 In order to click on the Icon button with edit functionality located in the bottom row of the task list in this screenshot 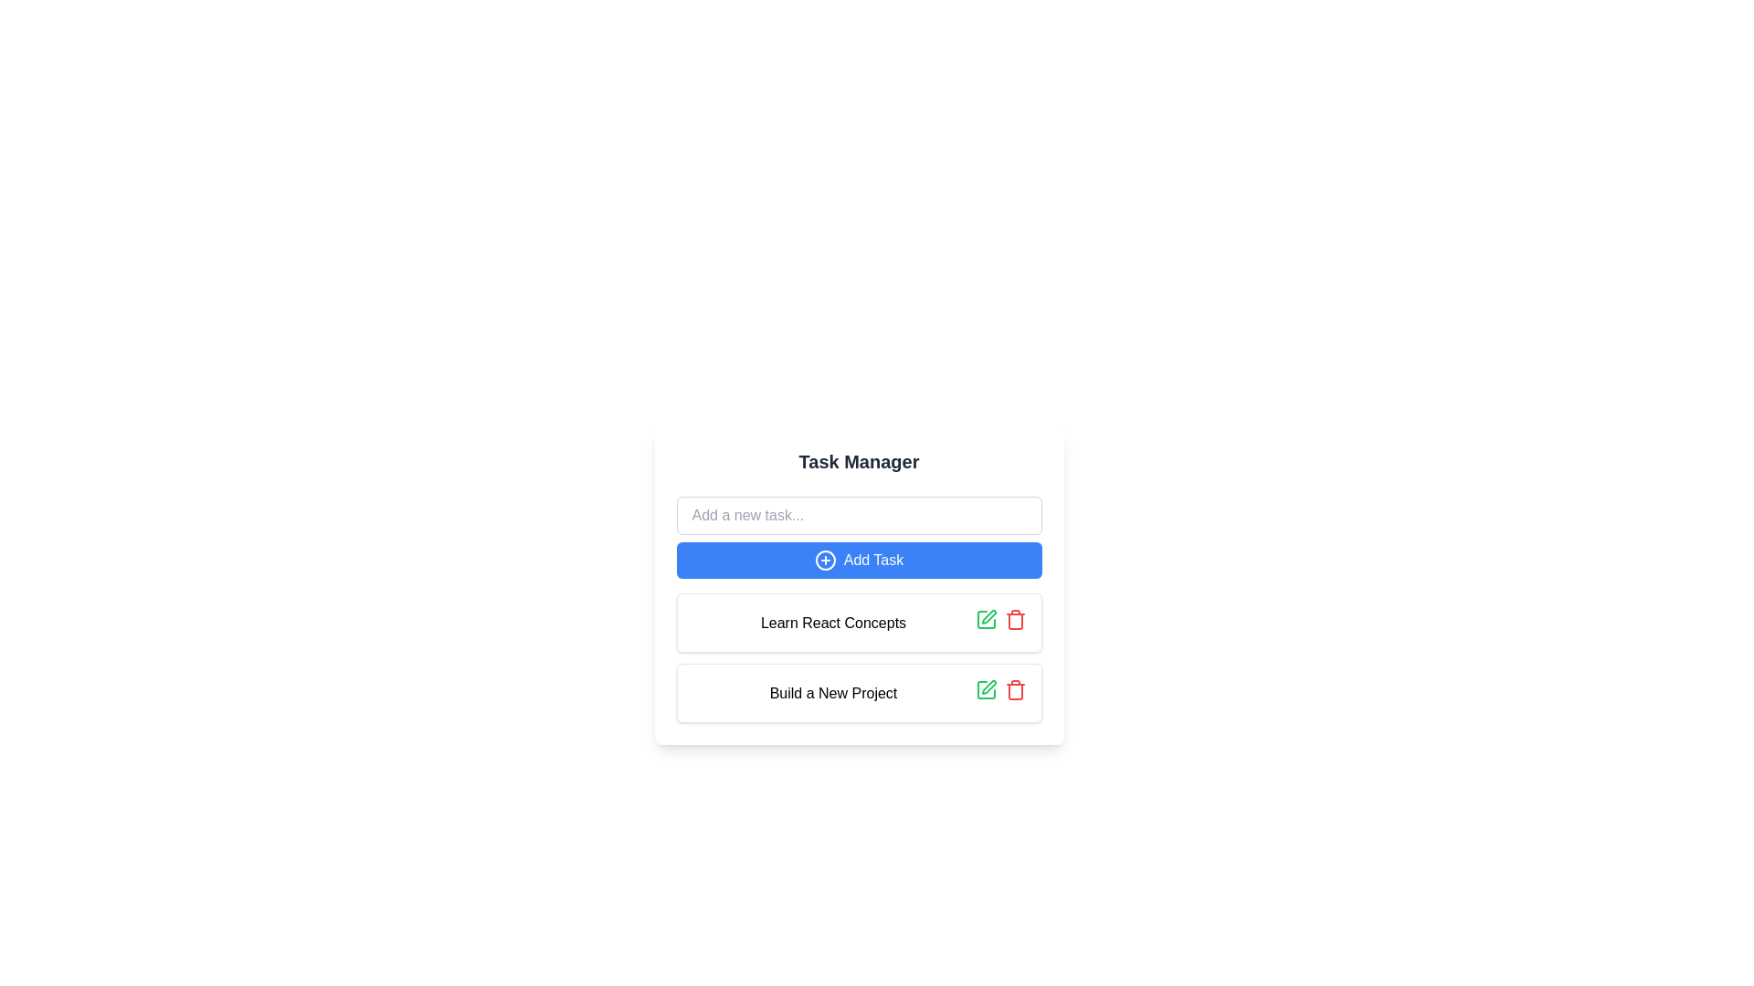, I will do `click(985, 690)`.